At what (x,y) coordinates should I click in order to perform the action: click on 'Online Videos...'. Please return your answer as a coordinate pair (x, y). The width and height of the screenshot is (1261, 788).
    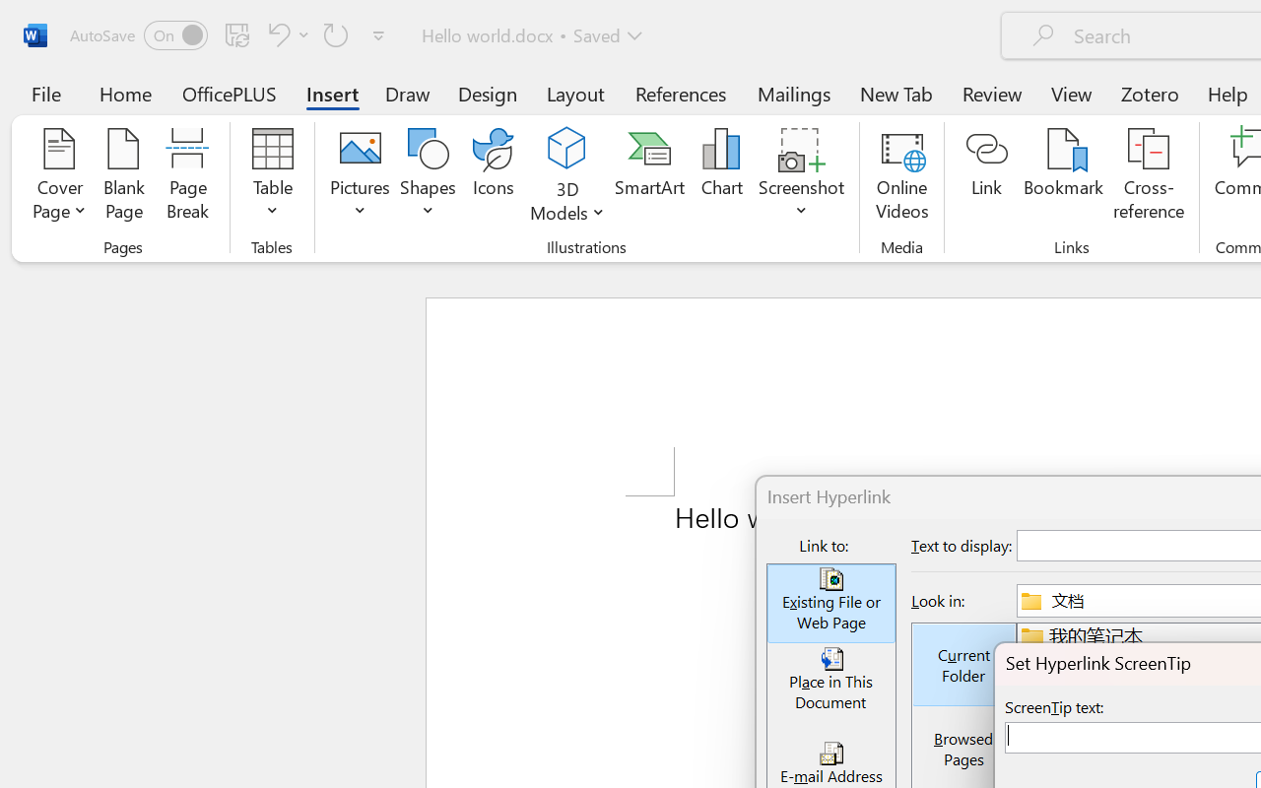
    Looking at the image, I should click on (900, 176).